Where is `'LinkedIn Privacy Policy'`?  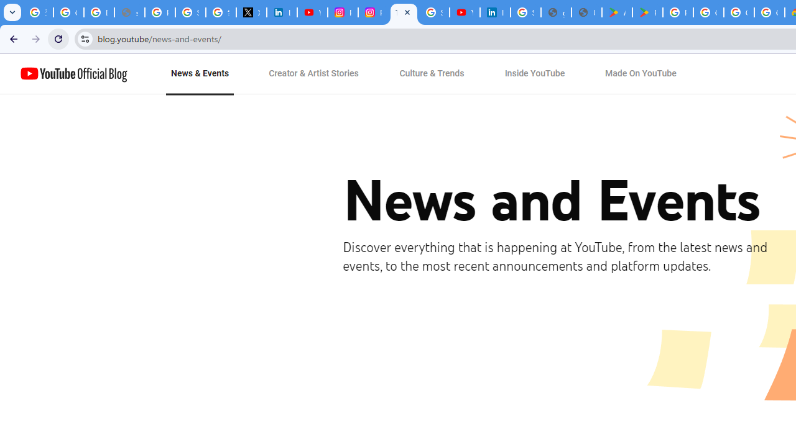 'LinkedIn Privacy Policy' is located at coordinates (281, 12).